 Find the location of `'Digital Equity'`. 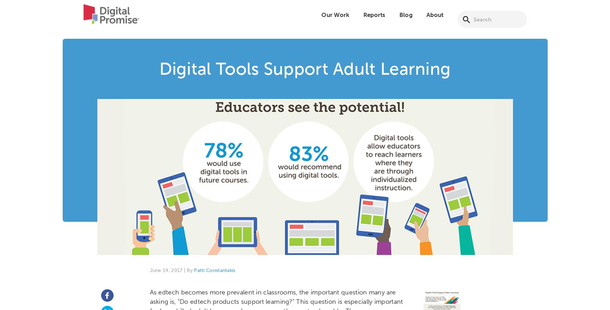

'Digital Equity' is located at coordinates (277, 25).